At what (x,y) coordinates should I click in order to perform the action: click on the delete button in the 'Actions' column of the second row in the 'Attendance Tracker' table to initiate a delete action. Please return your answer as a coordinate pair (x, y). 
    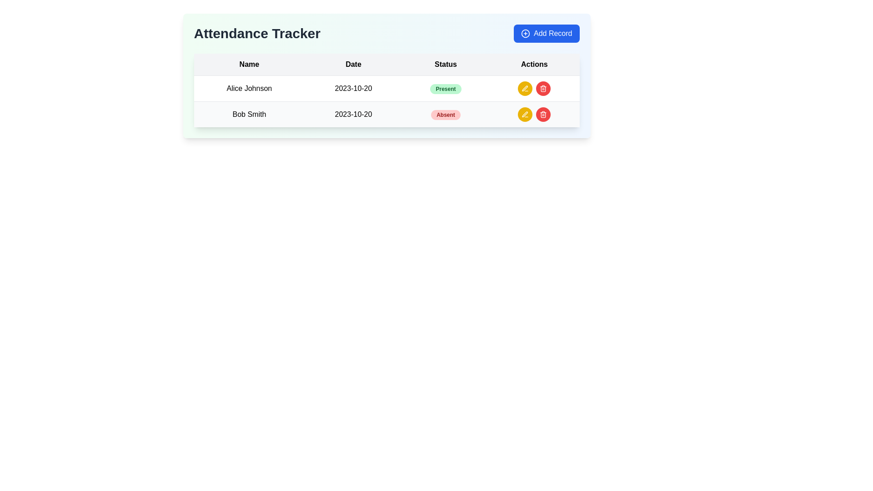
    Looking at the image, I should click on (543, 114).